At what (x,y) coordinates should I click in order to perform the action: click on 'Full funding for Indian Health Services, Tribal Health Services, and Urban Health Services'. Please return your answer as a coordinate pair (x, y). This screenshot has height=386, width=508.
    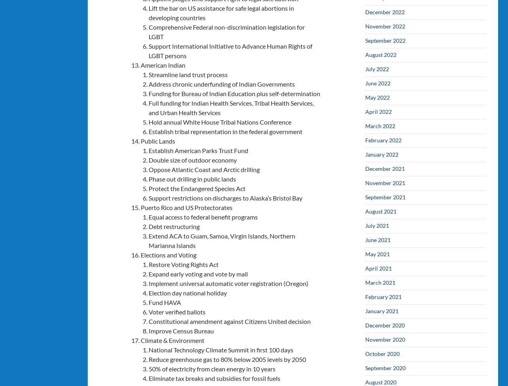
    Looking at the image, I should click on (231, 107).